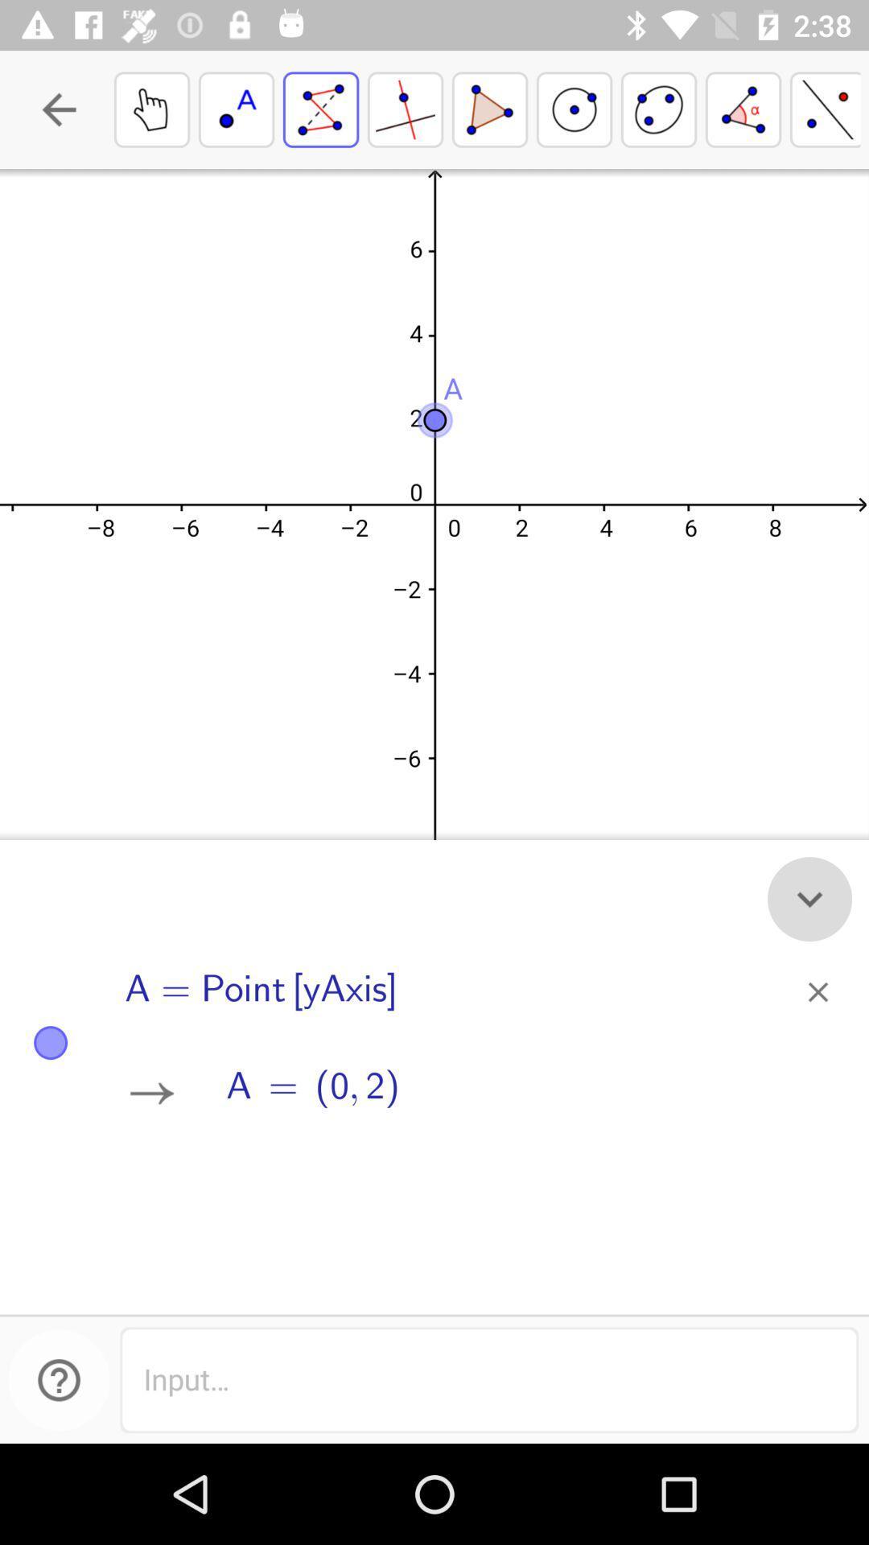 The height and width of the screenshot is (1545, 869). I want to click on the second box from top left corner, so click(236, 109).